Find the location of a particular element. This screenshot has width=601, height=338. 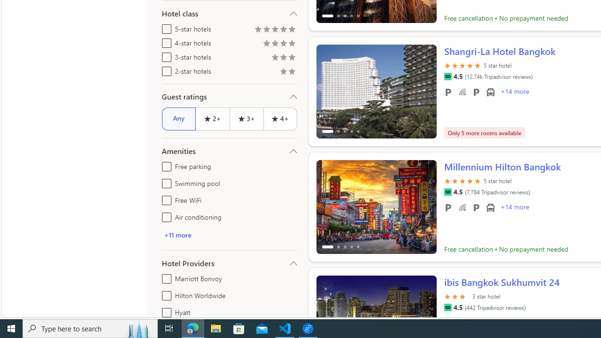

'Amenities' is located at coordinates (229, 150).